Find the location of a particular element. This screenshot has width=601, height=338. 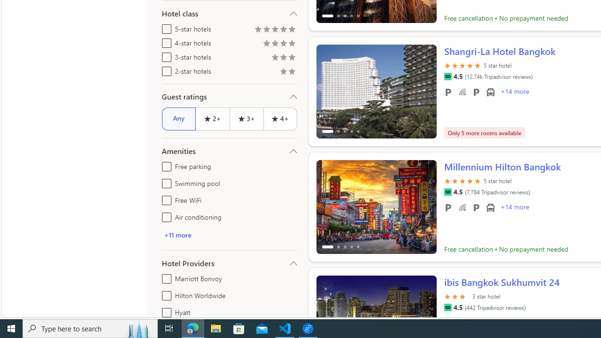

'Amenities' is located at coordinates (229, 150).